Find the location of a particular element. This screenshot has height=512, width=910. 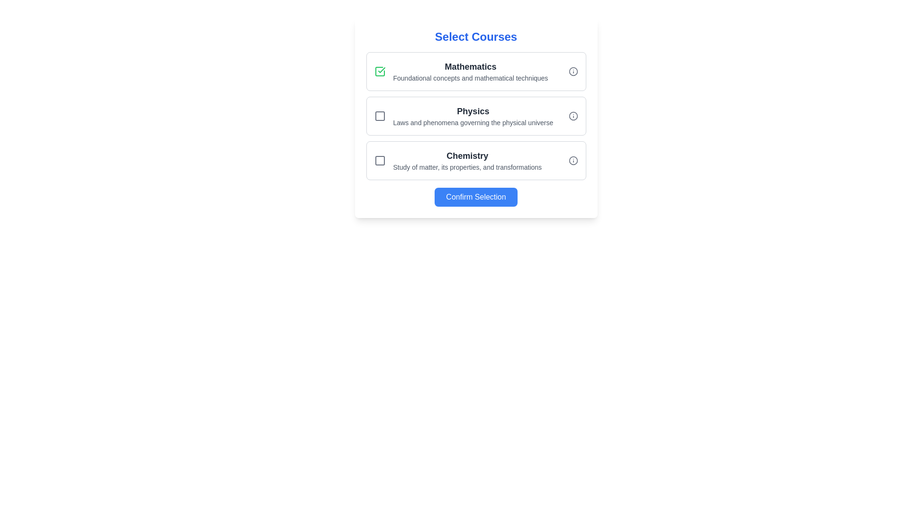

the selectable course list item titled 'Physics' is located at coordinates (473, 116).